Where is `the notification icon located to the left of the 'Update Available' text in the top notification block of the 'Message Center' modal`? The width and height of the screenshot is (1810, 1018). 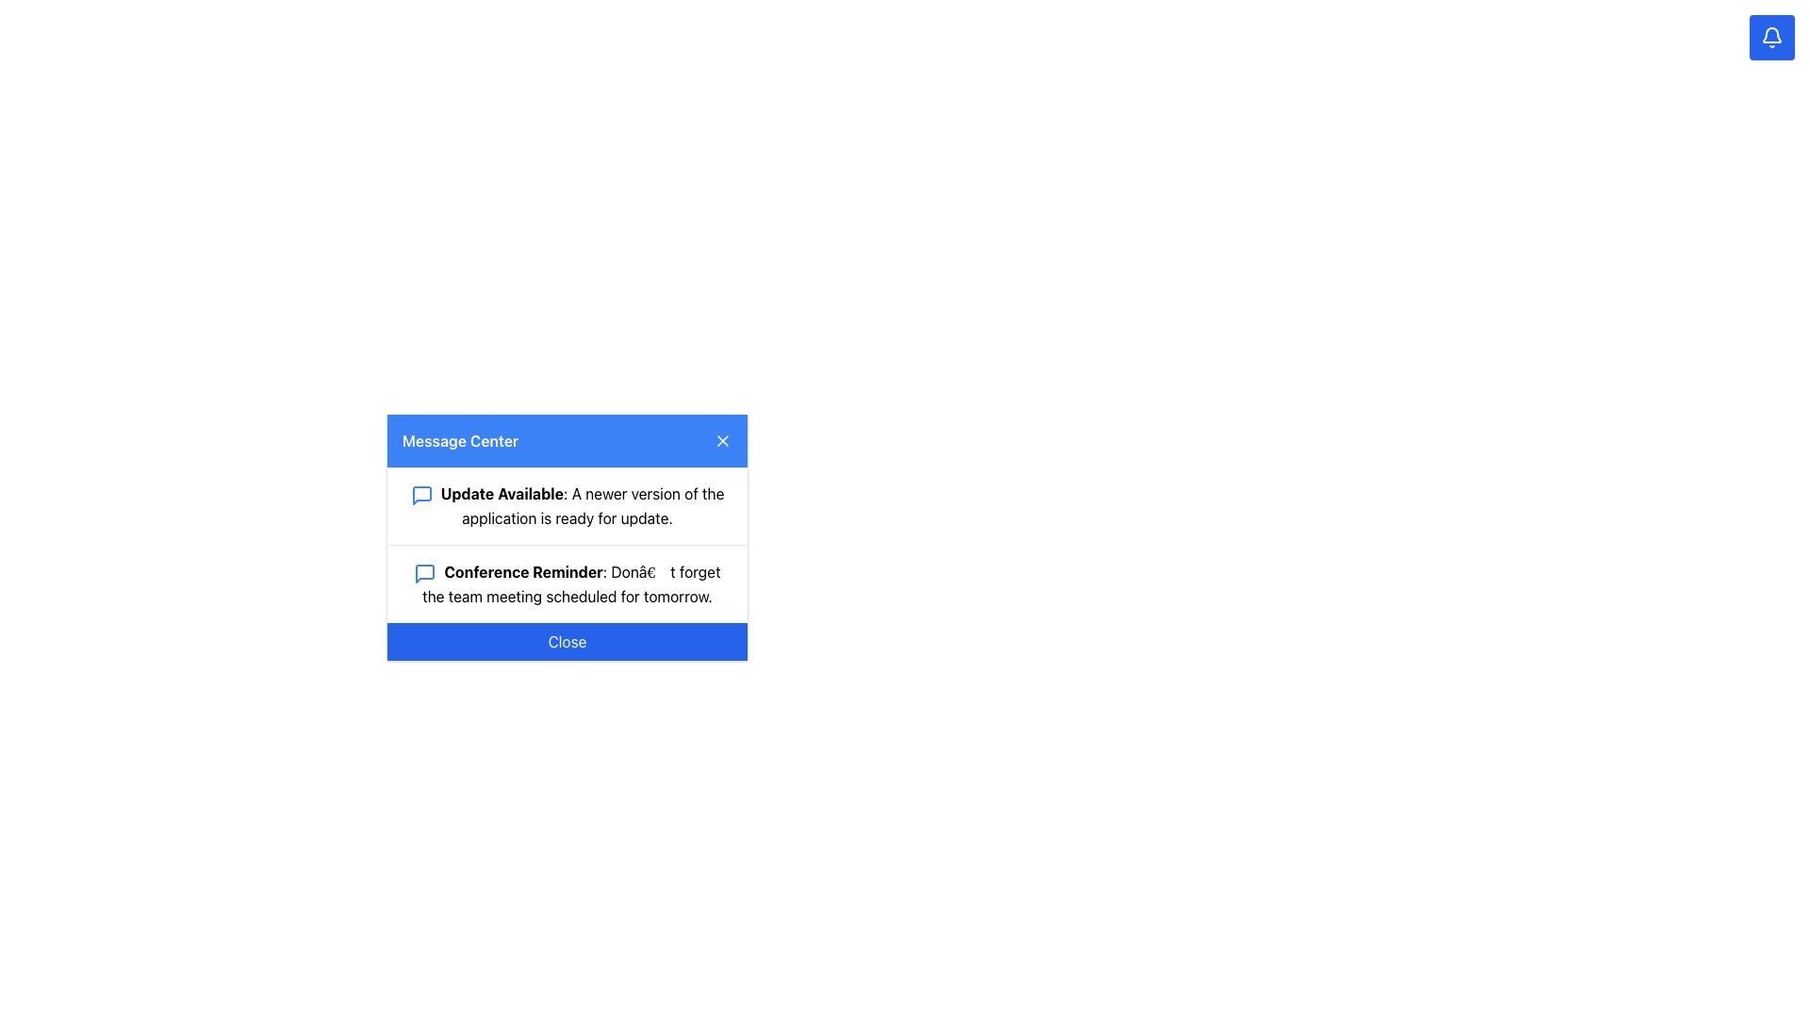
the notification icon located to the left of the 'Update Available' text in the top notification block of the 'Message Center' modal is located at coordinates (420, 494).